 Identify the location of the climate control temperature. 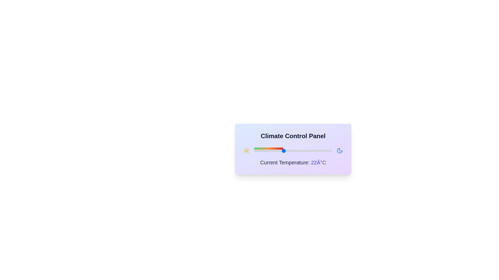
(298, 151).